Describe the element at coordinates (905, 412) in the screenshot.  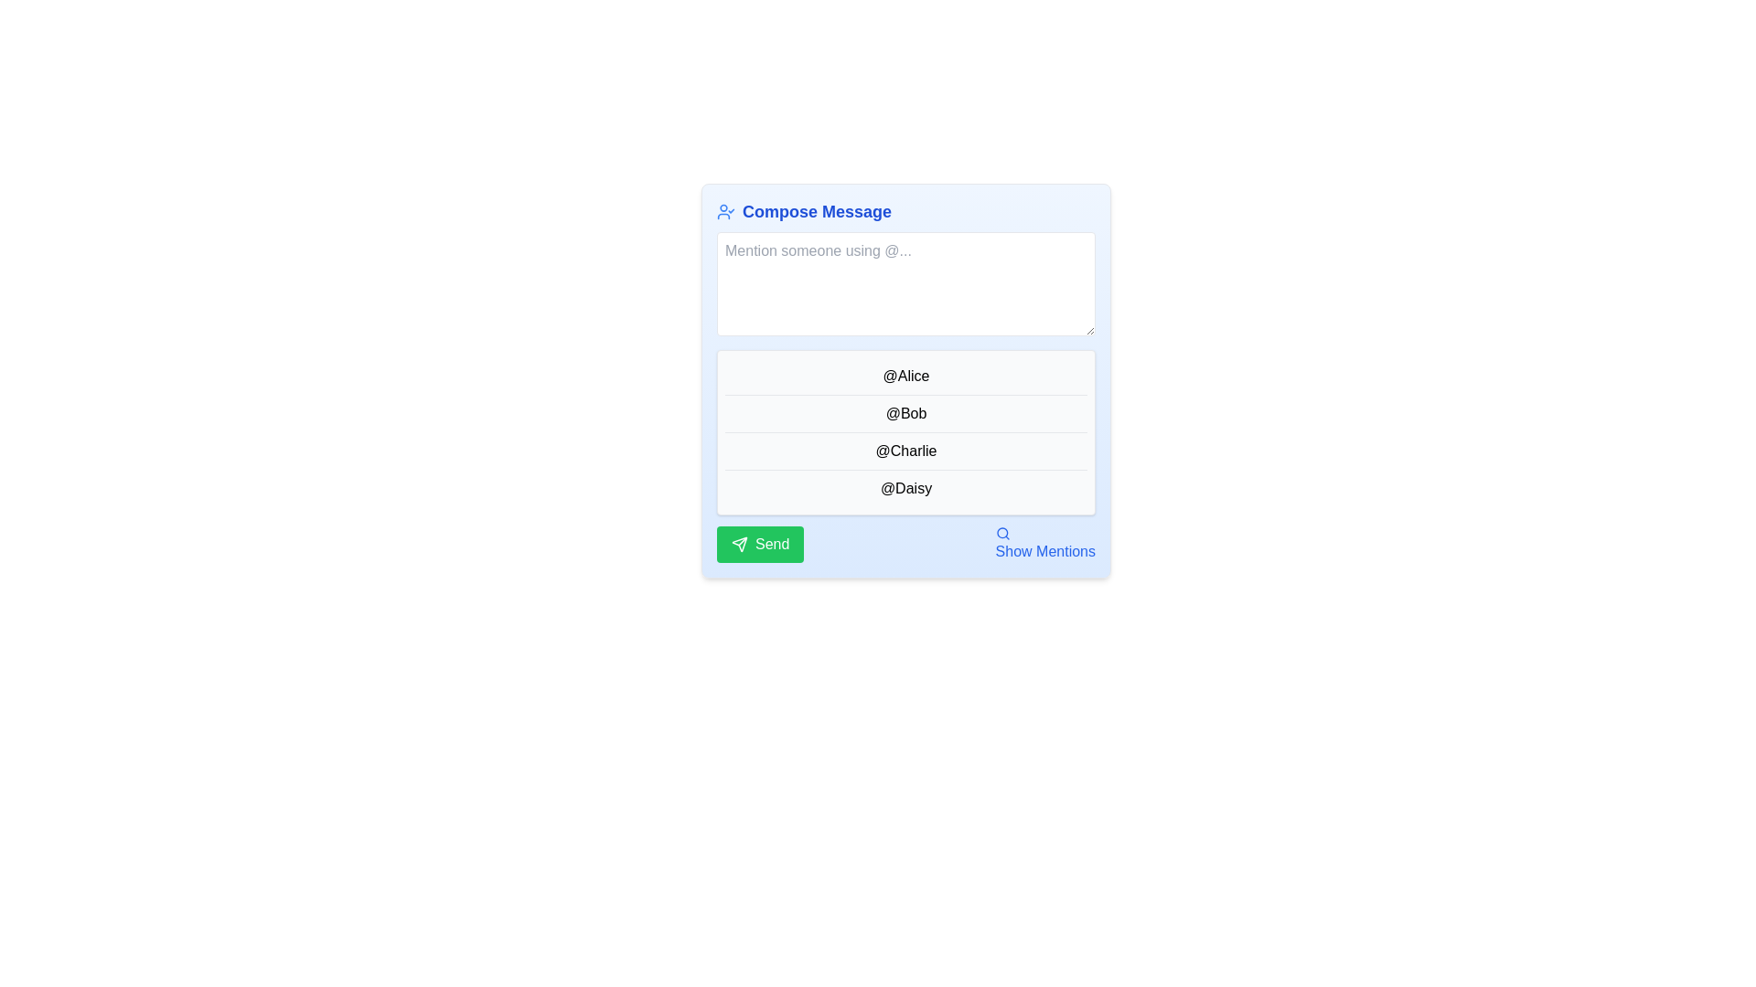
I see `the selectable list item displaying the text '@Bob'` at that location.